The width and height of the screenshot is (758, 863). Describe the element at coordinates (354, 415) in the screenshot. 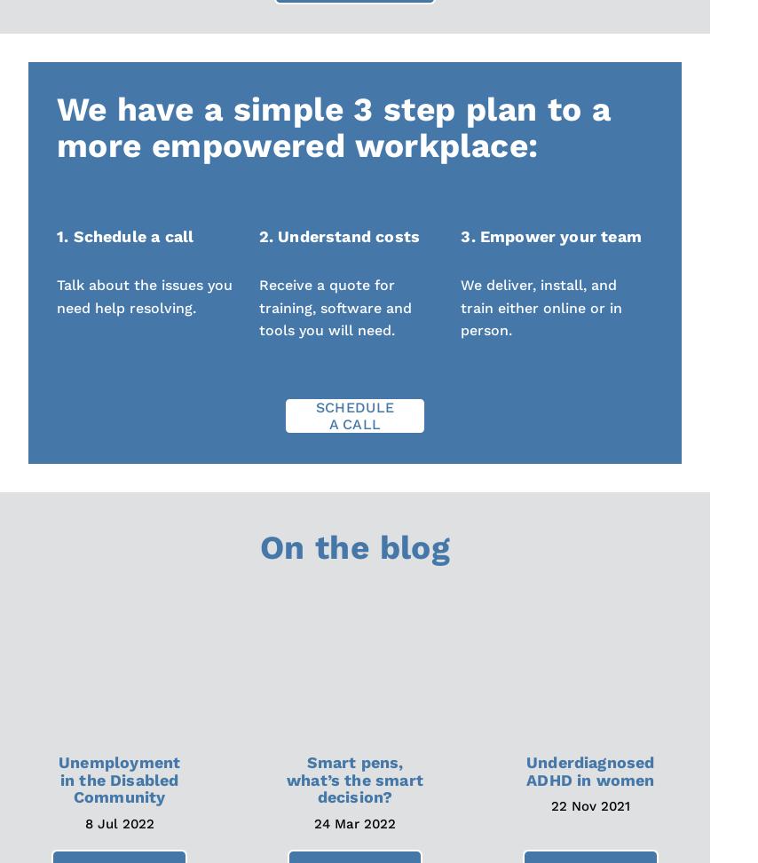

I see `'SCHEDULE A CALL'` at that location.